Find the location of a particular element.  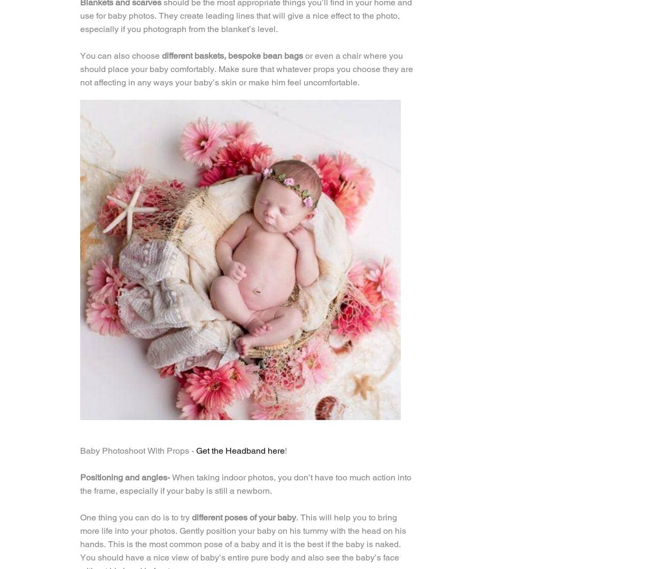

'different baskets, bespoke bean bags' is located at coordinates (232, 55).